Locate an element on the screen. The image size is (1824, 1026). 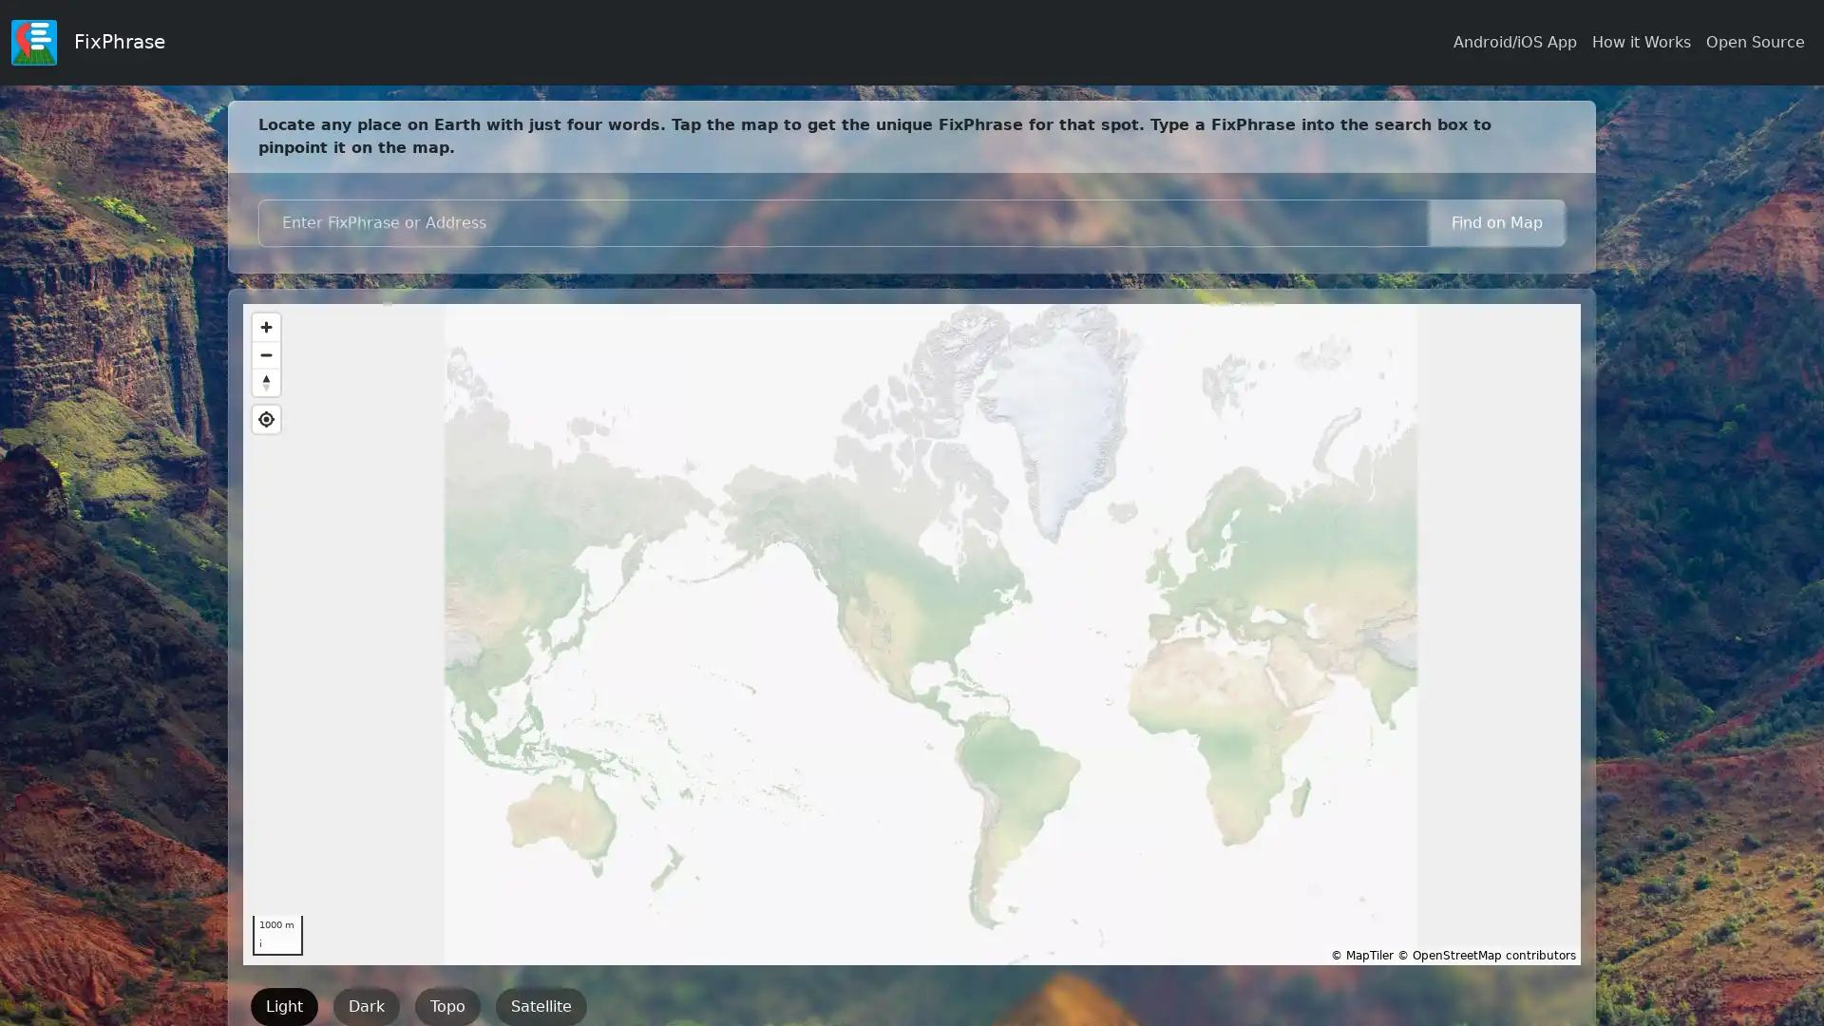
Zoom out is located at coordinates (265, 354).